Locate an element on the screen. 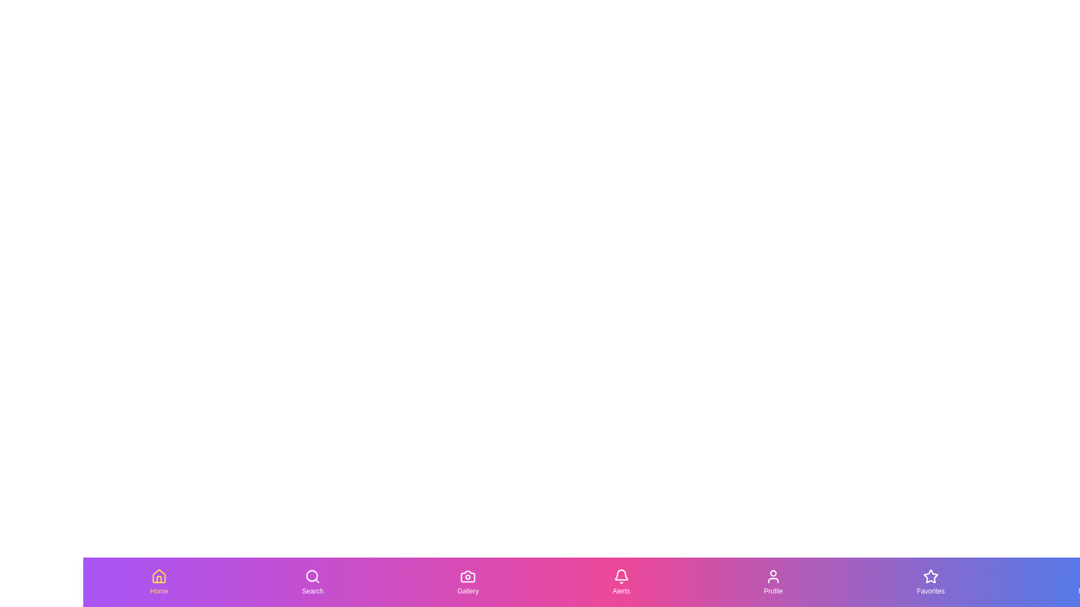 The image size is (1080, 607). the button labeled Alerts to observe the hover effect is located at coordinates (620, 582).